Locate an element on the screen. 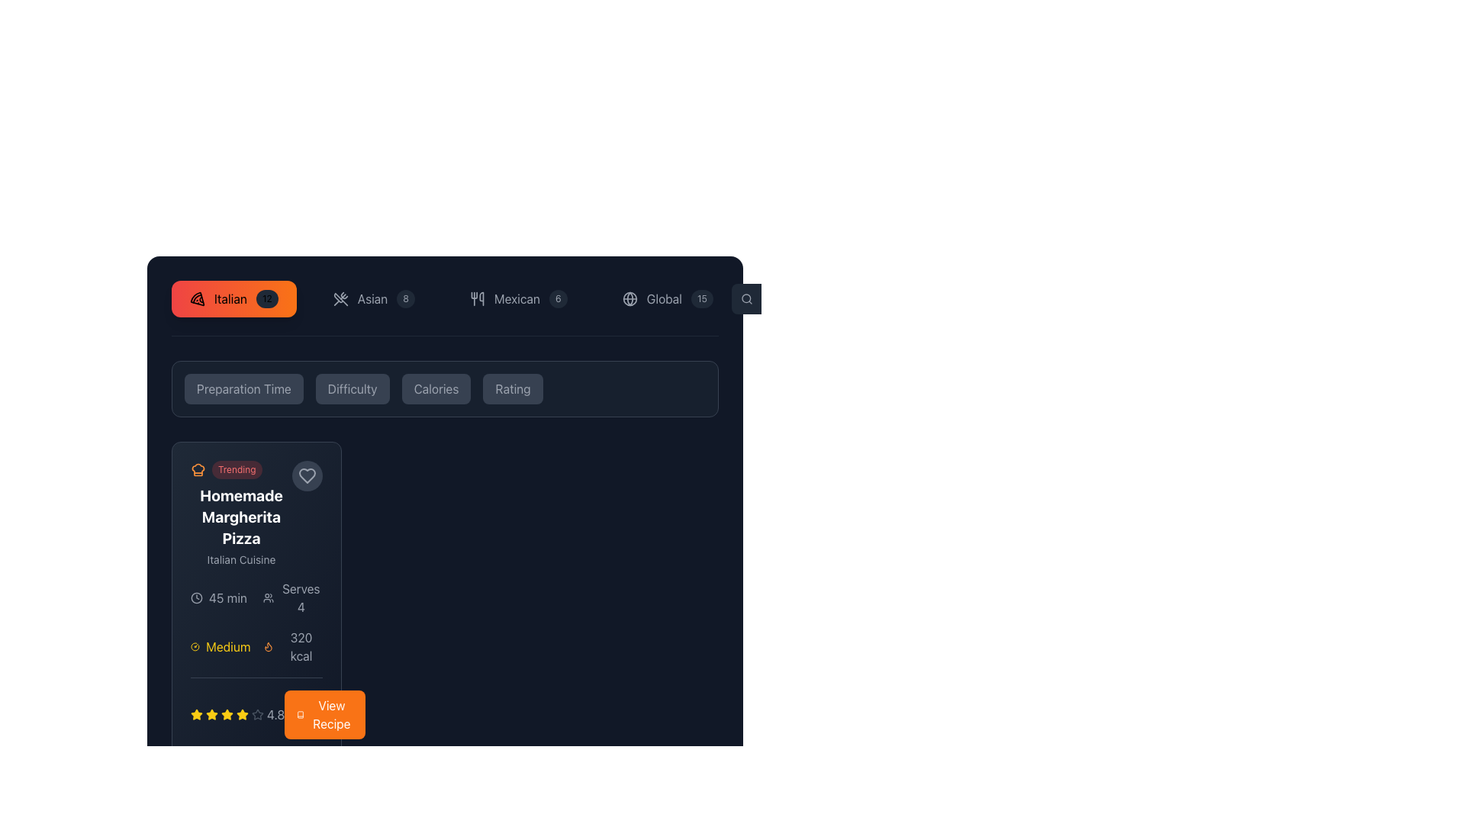  the heart-shaped outline icon located at the top right corner of the recipe card is located at coordinates (307, 475).